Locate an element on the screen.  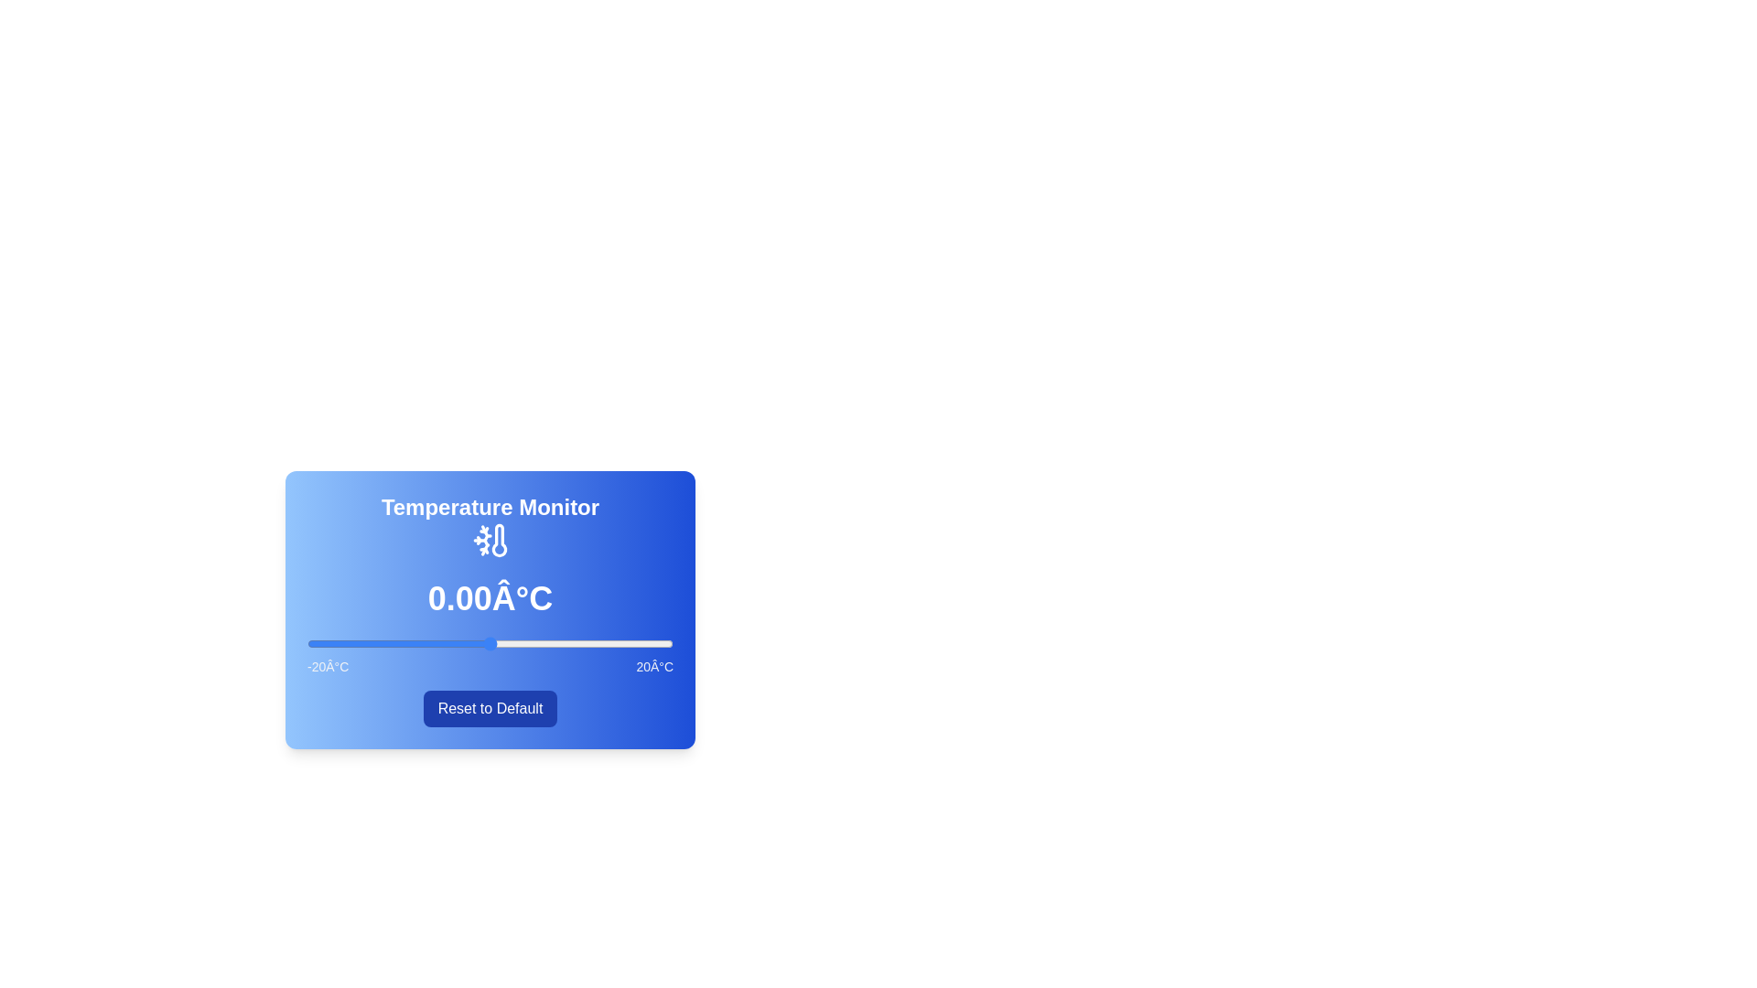
the temperature slider to -17 degrees Celsius is located at coordinates (334, 643).